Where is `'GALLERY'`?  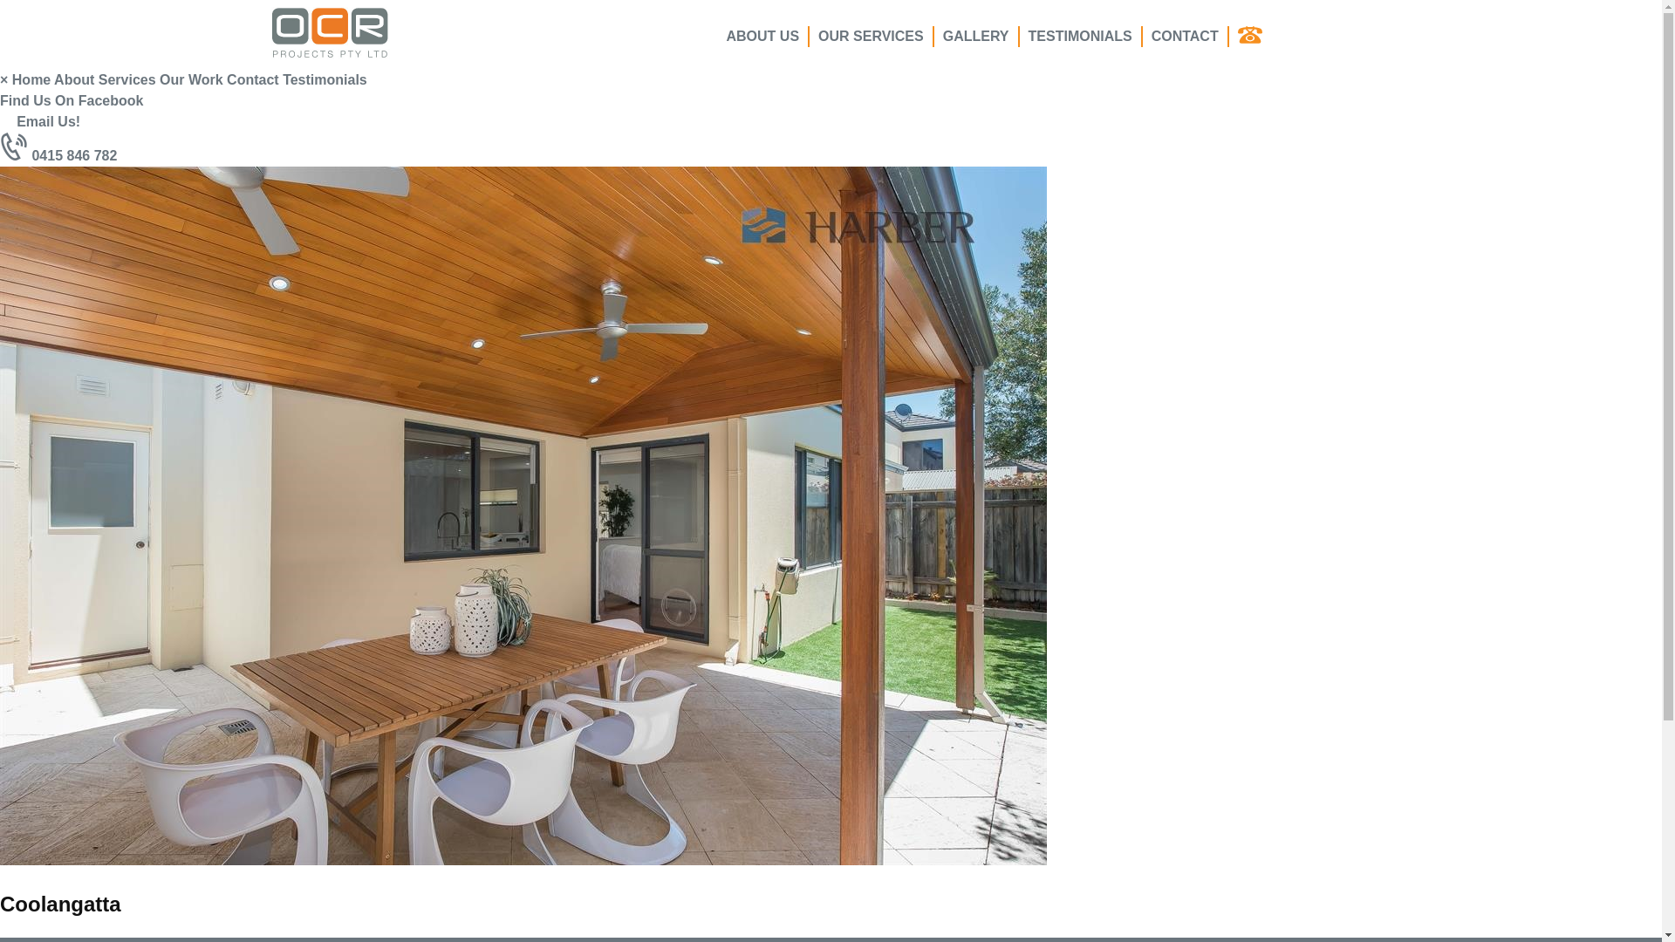
'GALLERY' is located at coordinates (933, 37).